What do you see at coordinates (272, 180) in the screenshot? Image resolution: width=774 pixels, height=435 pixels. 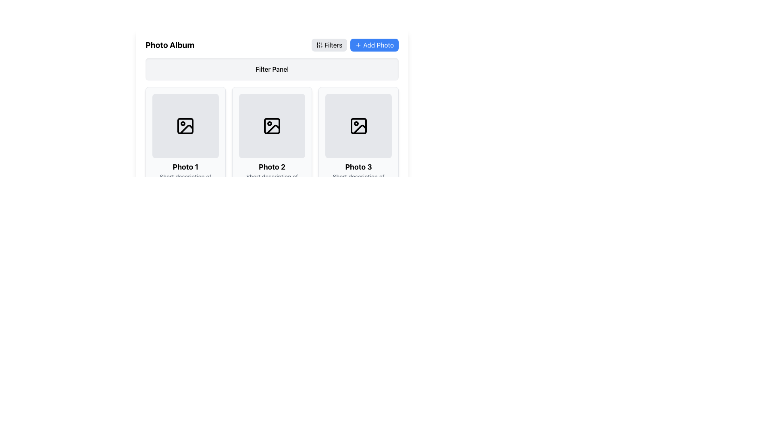 I see `the static text element located at the bottom of the card layout associated with 'Photo 2', positioned directly beneath the title 'Photo 2'` at bounding box center [272, 180].